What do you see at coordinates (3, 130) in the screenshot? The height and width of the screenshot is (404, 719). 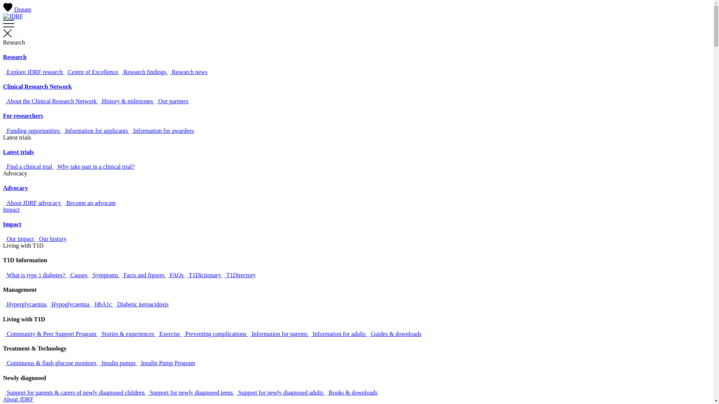 I see `'Funding opportunities'` at bounding box center [3, 130].